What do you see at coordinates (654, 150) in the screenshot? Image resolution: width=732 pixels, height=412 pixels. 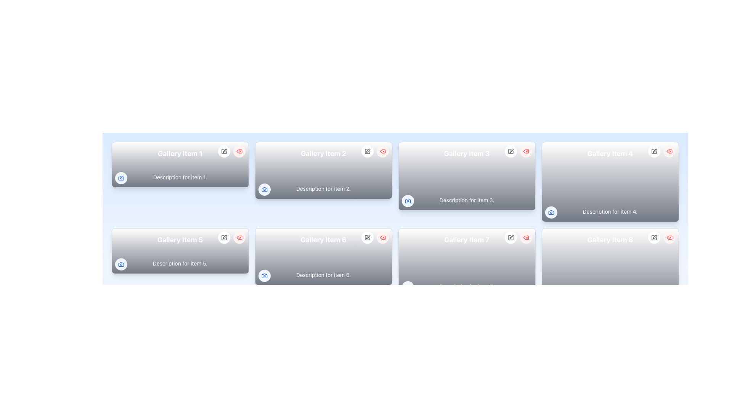 I see `the button to edit or modify the content of 'Gallery Item 4', which is located in the upper-right corner of its card, just above a red icon button` at bounding box center [654, 150].